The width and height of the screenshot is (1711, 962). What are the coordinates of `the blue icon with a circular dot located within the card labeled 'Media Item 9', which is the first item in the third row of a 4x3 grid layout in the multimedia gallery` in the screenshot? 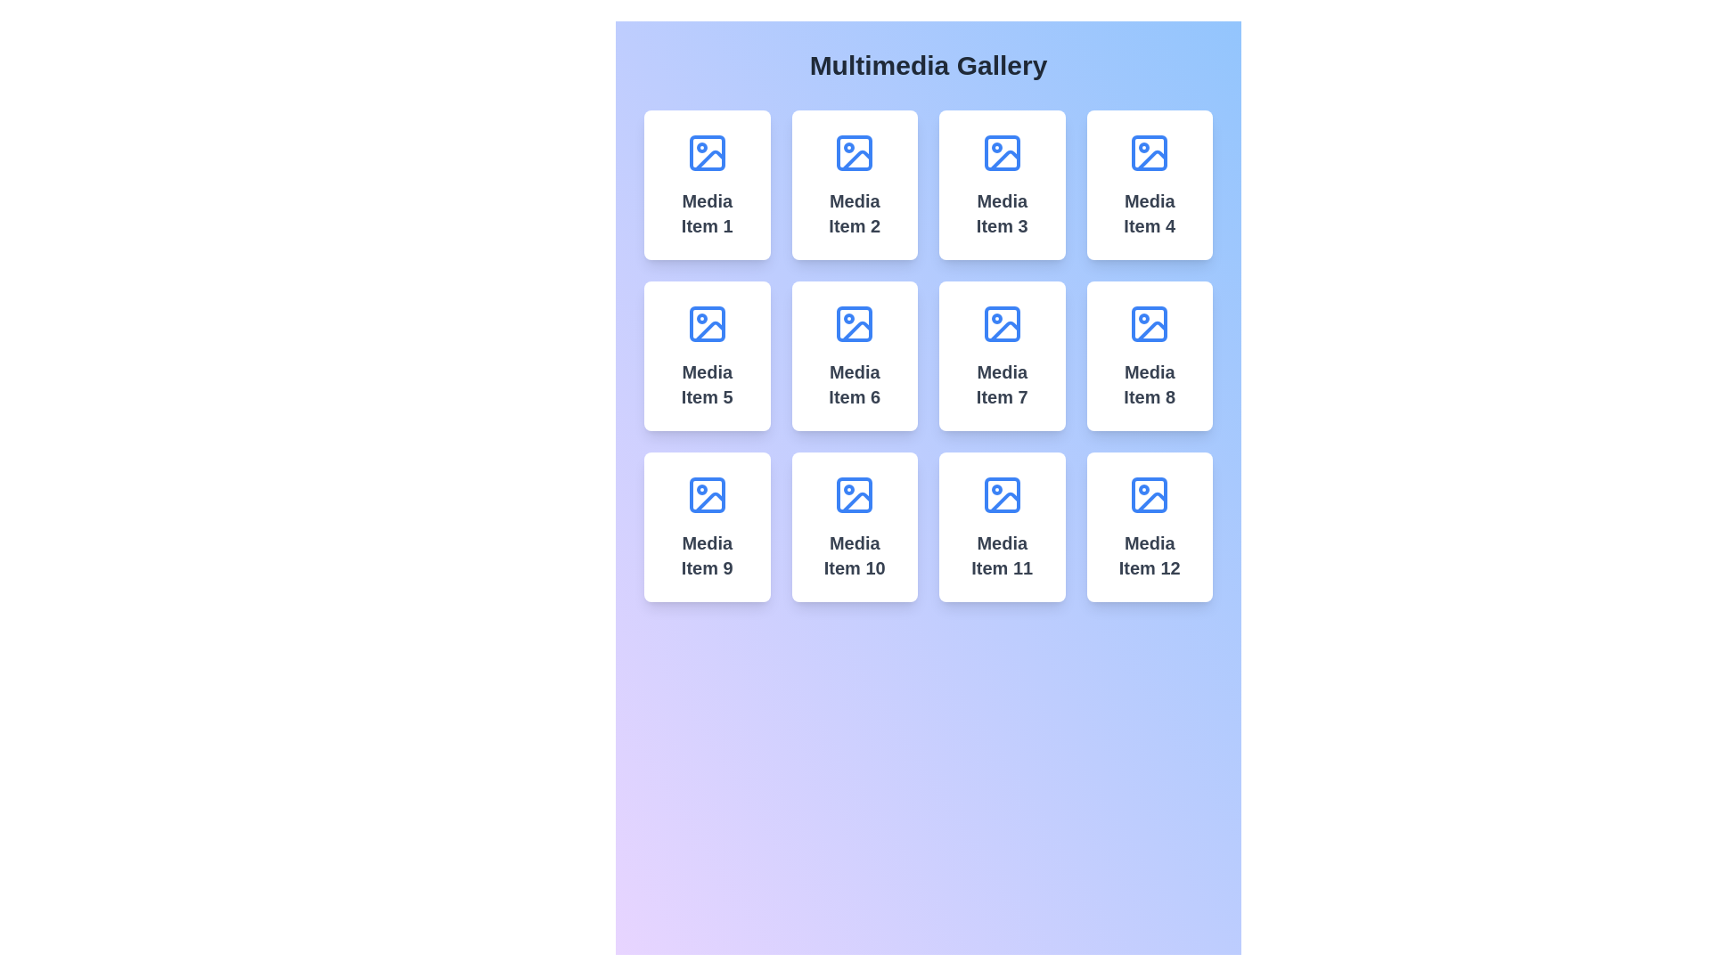 It's located at (706, 494).